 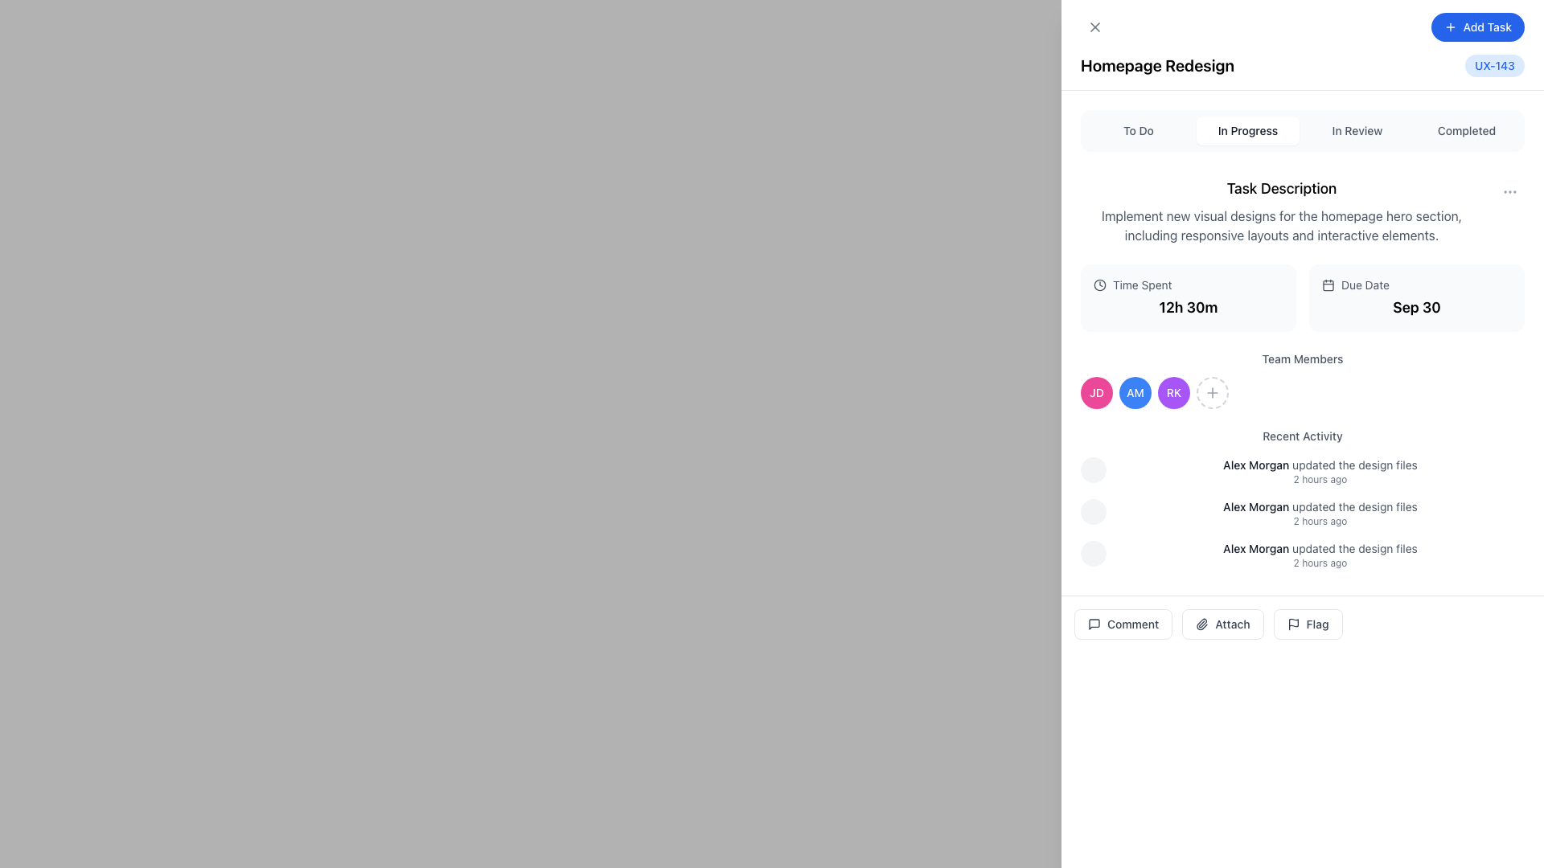 I want to click on the bold text heading 'Homepage Redesign' located at the top left area of the task view, so click(x=1156, y=64).